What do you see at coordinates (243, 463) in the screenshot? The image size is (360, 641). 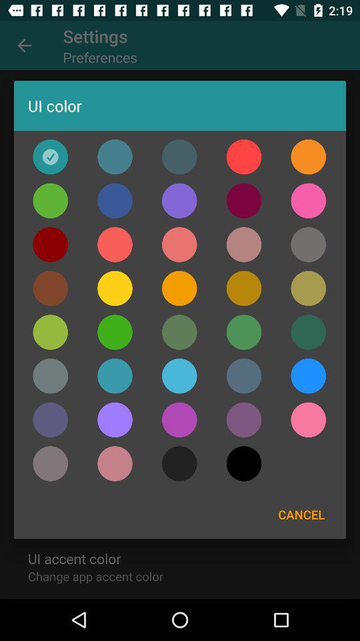 I see `coloring option` at bounding box center [243, 463].